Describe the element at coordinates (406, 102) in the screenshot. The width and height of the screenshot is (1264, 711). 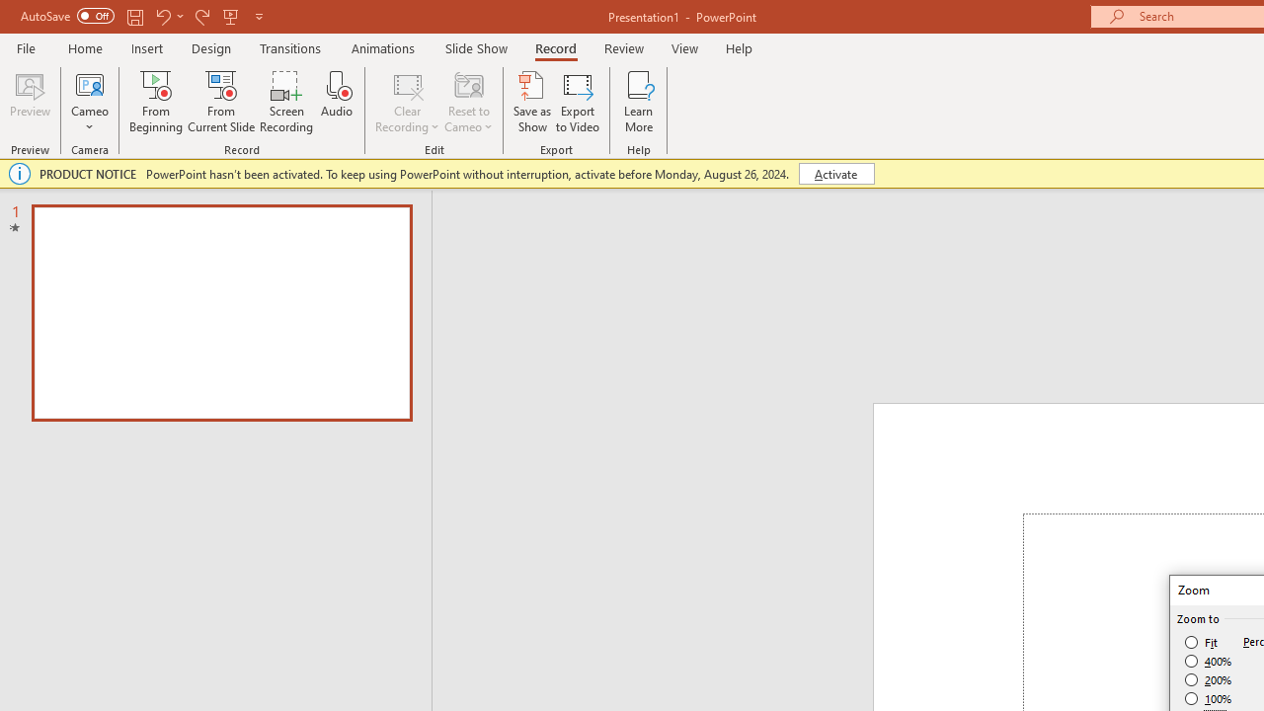
I see `'Clear Recording'` at that location.